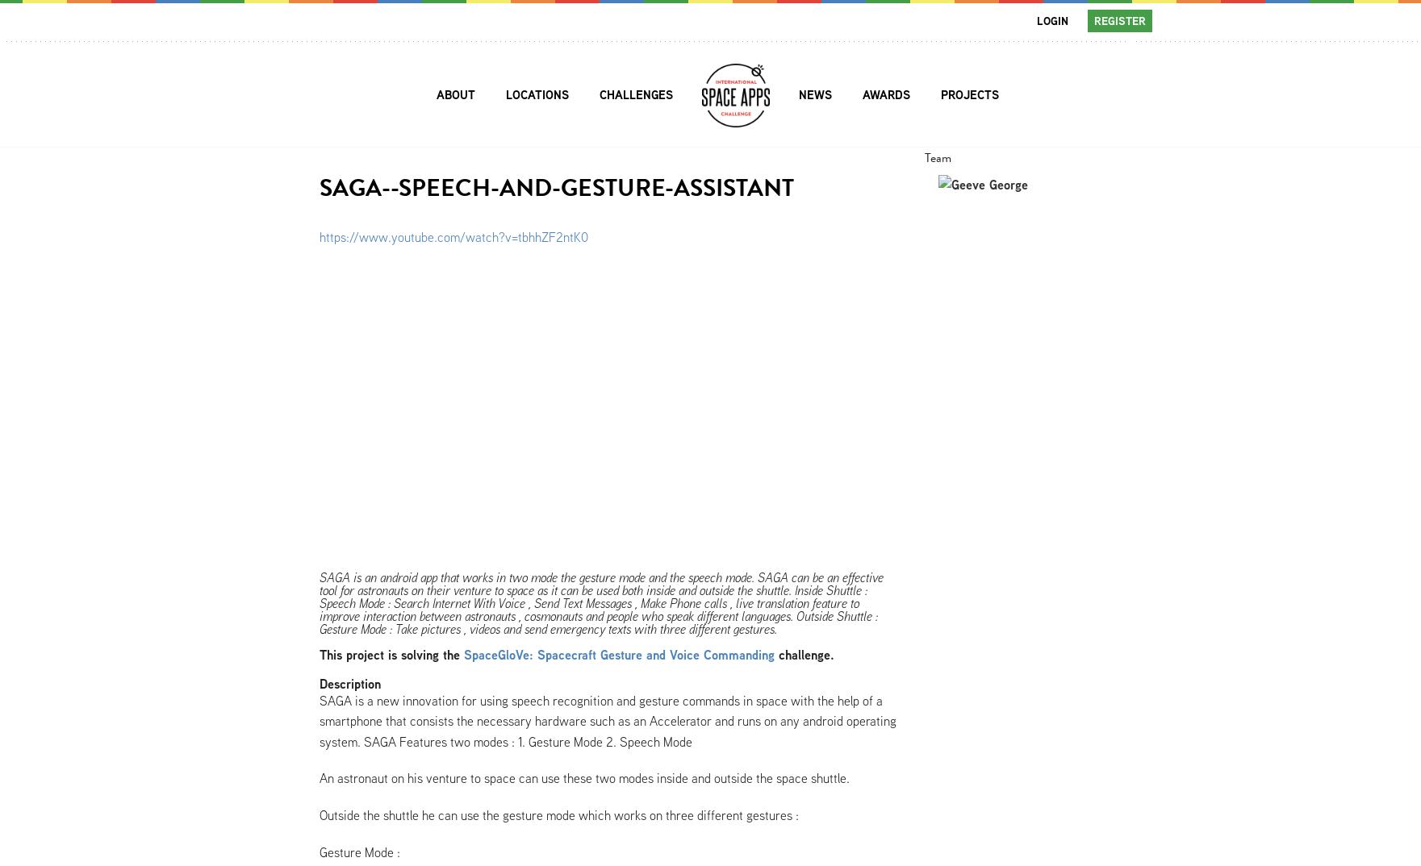 The image size is (1421, 866). Describe the element at coordinates (358, 851) in the screenshot. I see `'Gesture Mode :'` at that location.